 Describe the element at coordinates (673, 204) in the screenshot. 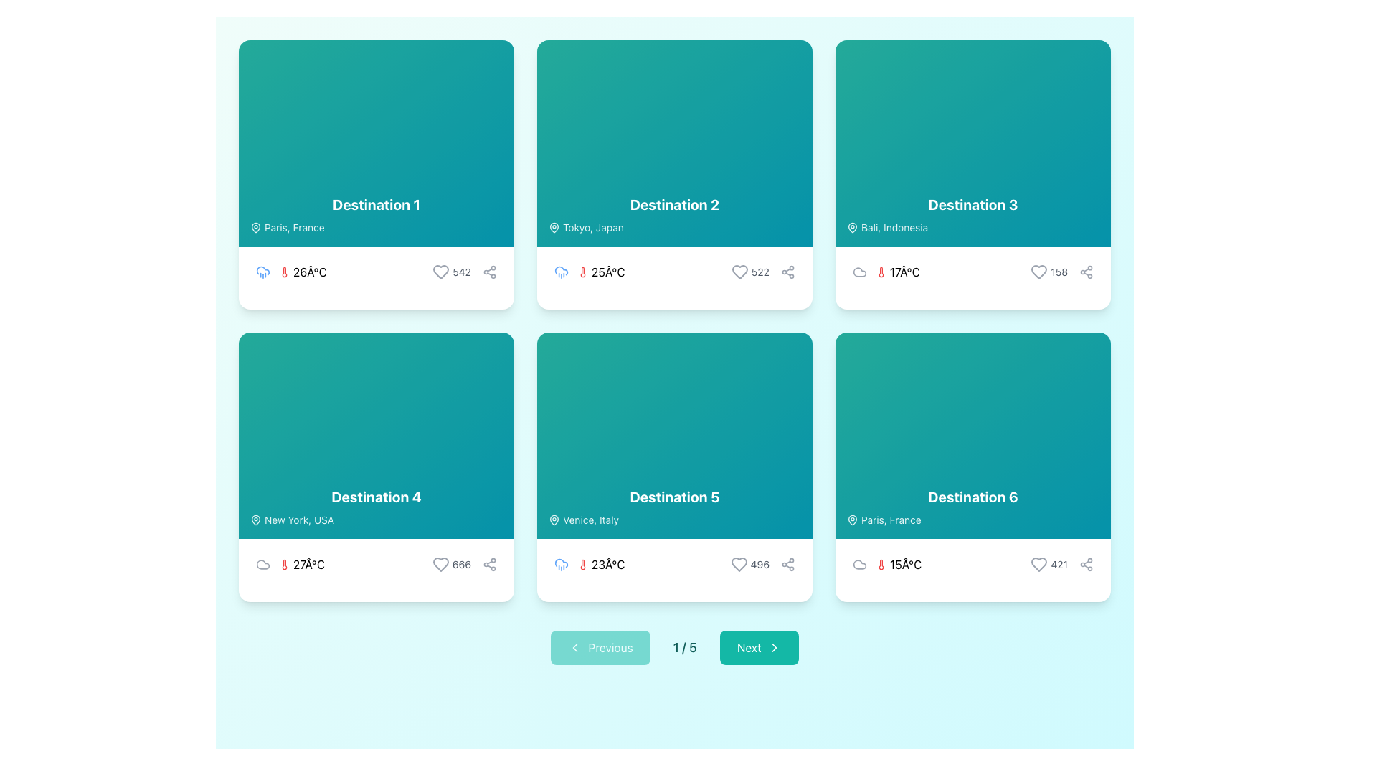

I see `text heading that serves as the title for 'Destination 2' located in the second column of the first row in the grid layout` at that location.